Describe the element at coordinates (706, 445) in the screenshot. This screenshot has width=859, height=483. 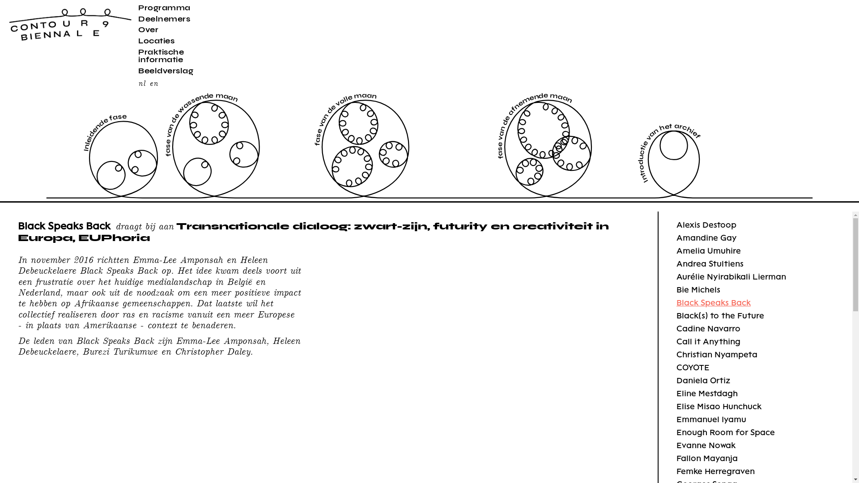
I see `'Evanne Nowak'` at that location.